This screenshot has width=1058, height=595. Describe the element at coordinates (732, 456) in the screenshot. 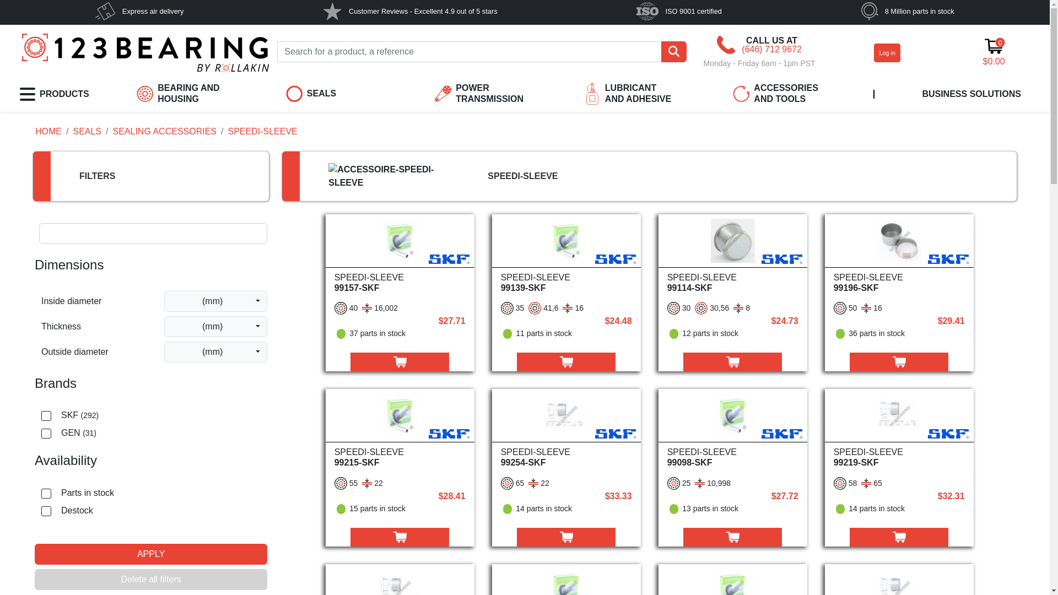

I see `'SPEEDI-SLEEVE` at that location.